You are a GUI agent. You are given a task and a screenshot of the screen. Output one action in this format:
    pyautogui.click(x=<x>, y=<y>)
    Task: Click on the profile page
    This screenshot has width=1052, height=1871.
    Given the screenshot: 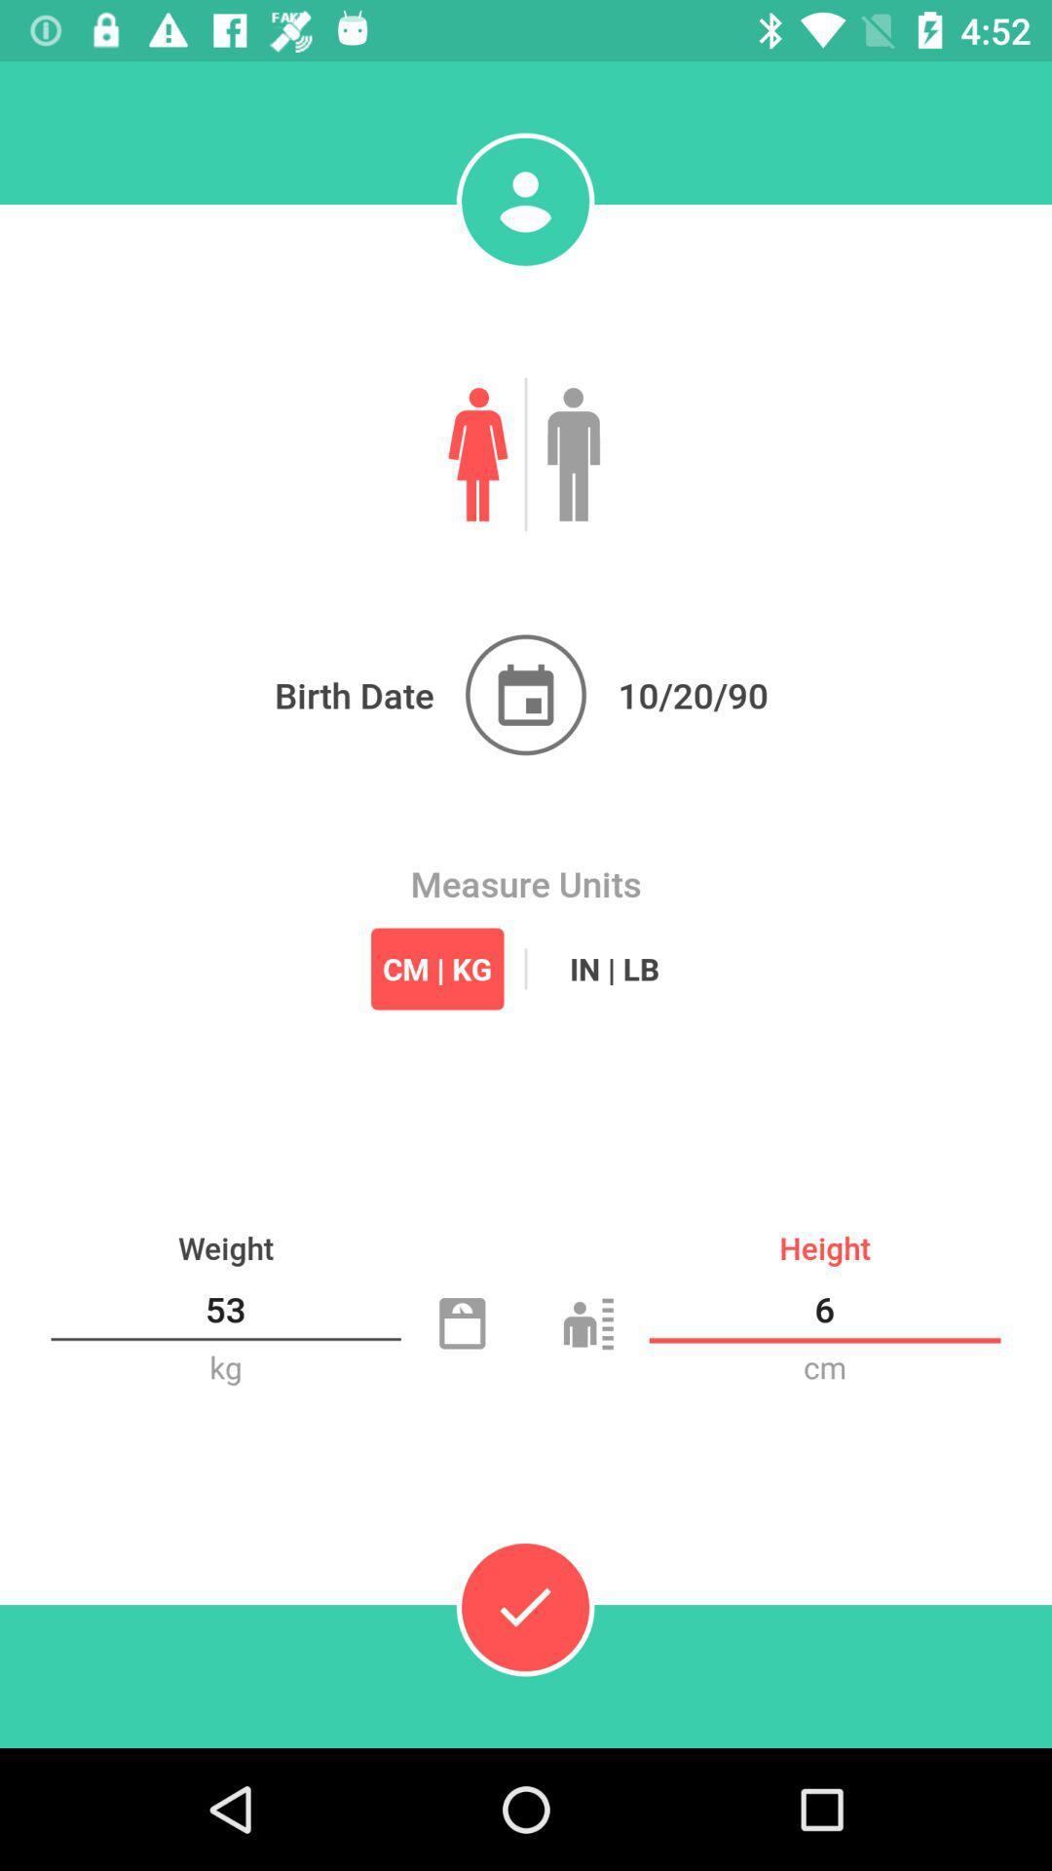 What is the action you would take?
    pyautogui.click(x=524, y=202)
    